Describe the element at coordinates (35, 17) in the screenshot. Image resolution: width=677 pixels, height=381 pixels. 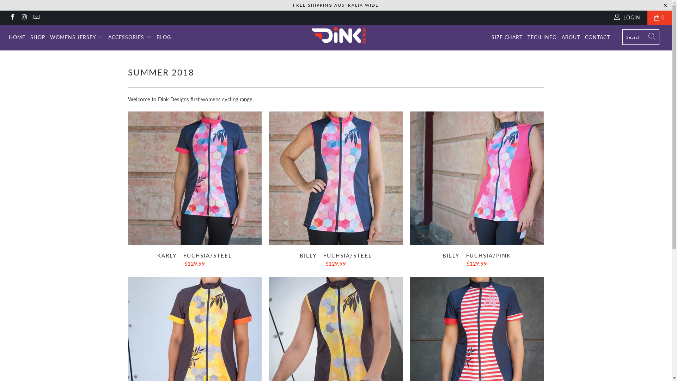
I see `'Email Dink Design'` at that location.